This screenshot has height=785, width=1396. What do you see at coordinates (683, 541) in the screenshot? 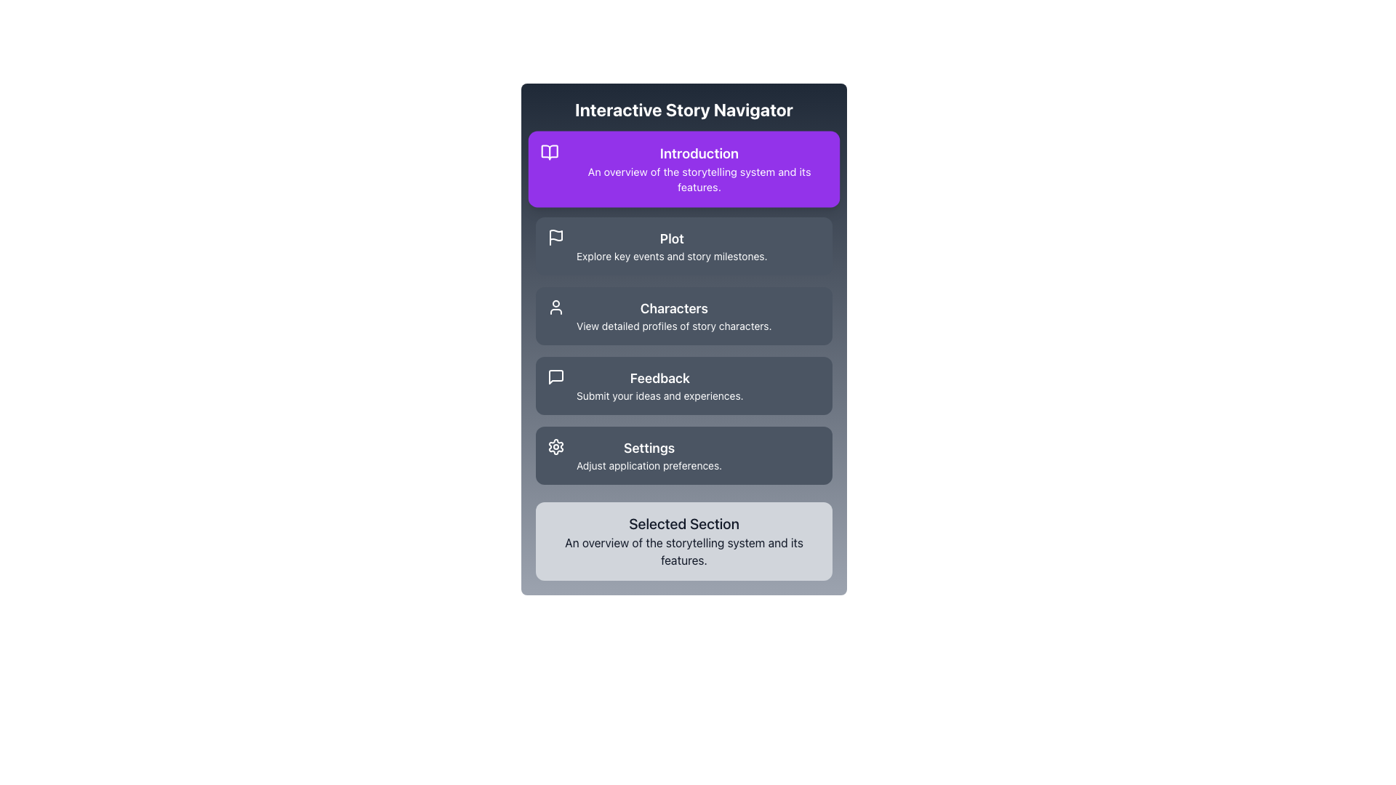
I see `text from the Descriptive Information Box located at the bottom of the interface, which outlines the currently highlighted feature in the storytelling application` at bounding box center [683, 541].